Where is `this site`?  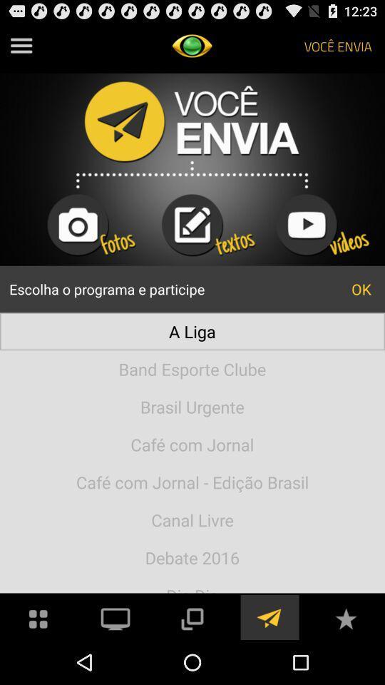
this site is located at coordinates (345, 616).